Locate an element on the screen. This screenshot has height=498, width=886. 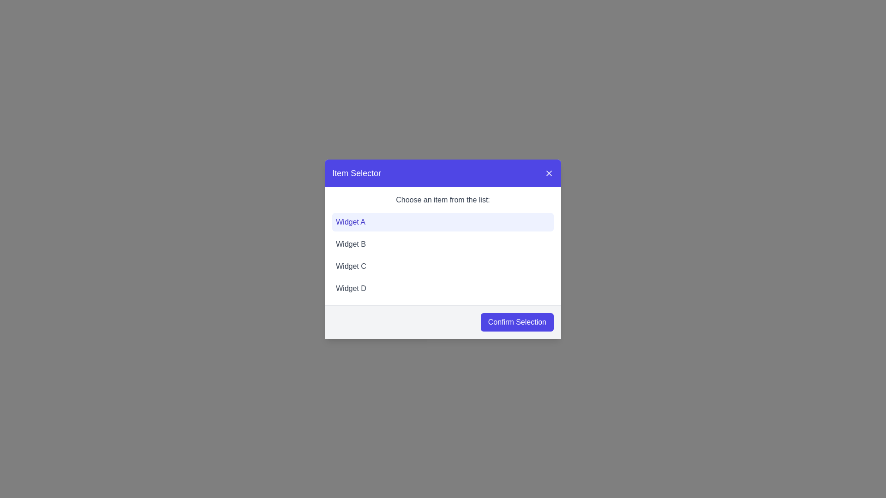
the list item displaying 'Widget C', which is the third item in a vertical list within the 'Item Selector' modal is located at coordinates (443, 266).